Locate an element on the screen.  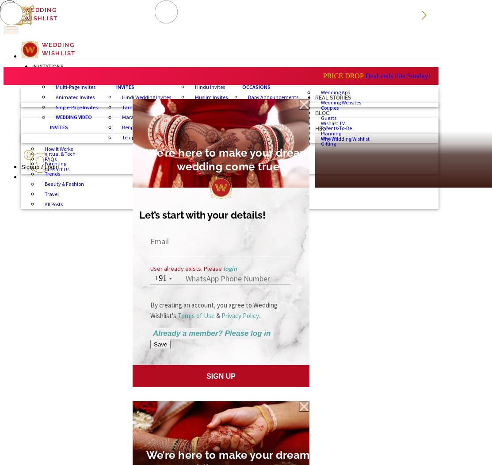
'Invitations' is located at coordinates (32, 65).